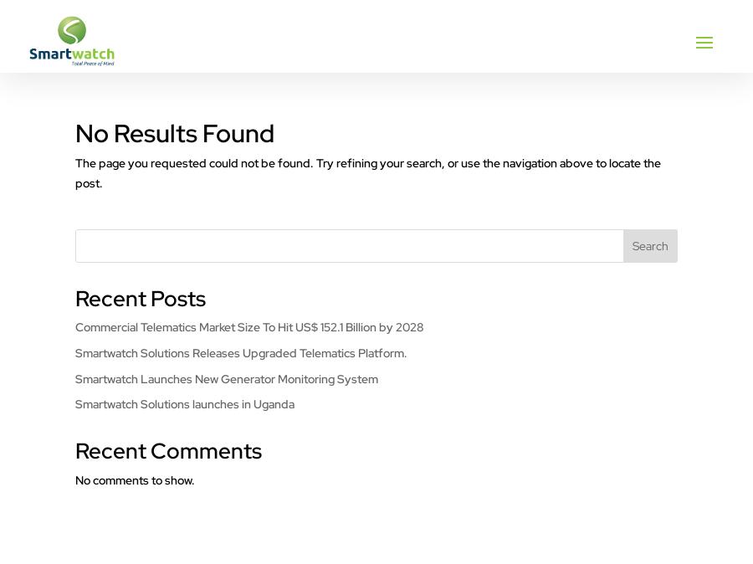 The width and height of the screenshot is (753, 564). Describe the element at coordinates (74, 131) in the screenshot. I see `'No Results Found'` at that location.